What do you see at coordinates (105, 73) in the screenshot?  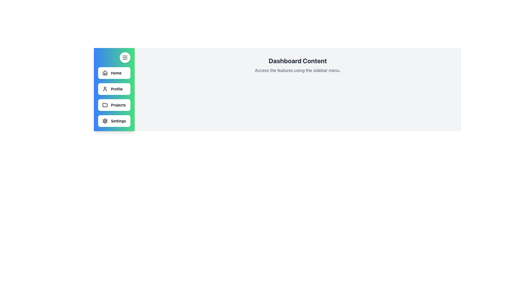 I see `the small house icon in the left-side menu bar that represents the 'Home' navigation option, which is the first item in the vertical list and is positioned next to the text label 'Home'` at bounding box center [105, 73].